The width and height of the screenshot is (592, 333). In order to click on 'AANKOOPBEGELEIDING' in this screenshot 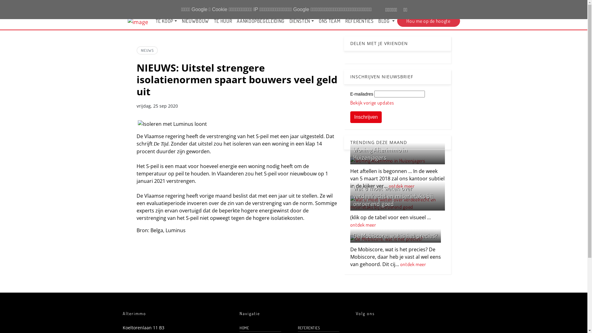, I will do `click(261, 21)`.